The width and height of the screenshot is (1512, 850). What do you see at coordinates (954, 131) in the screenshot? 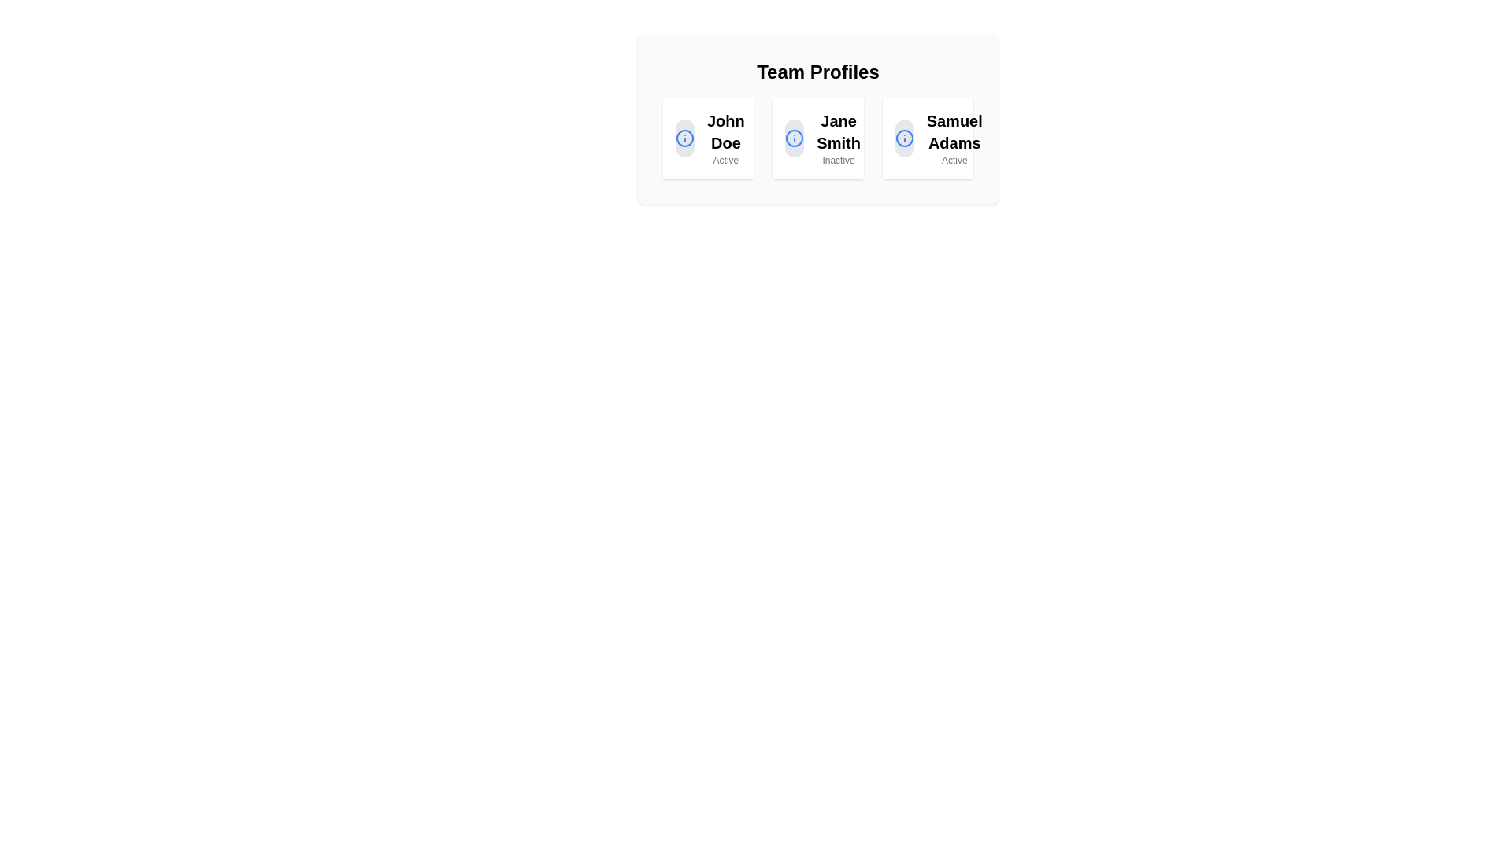
I see `the text label displaying 'Samuel Adams' in bold, located within a card below the title 'Team Profiles'` at bounding box center [954, 131].